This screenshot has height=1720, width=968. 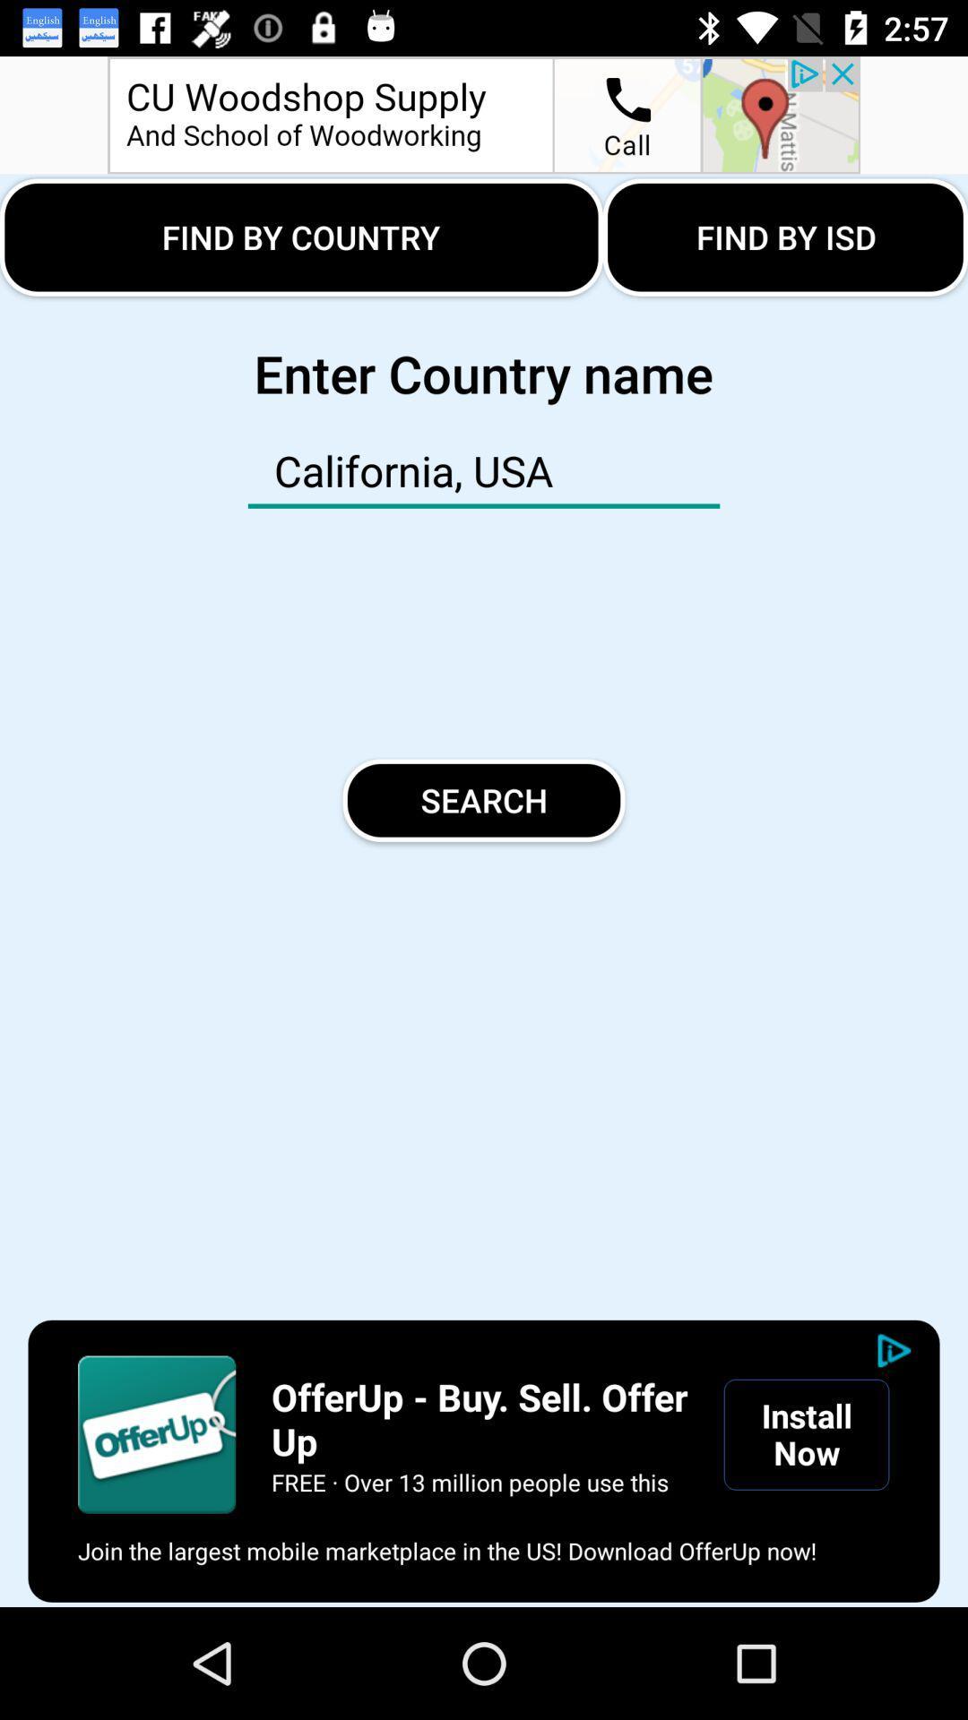 What do you see at coordinates (484, 114) in the screenshot?
I see `the advertisement` at bounding box center [484, 114].